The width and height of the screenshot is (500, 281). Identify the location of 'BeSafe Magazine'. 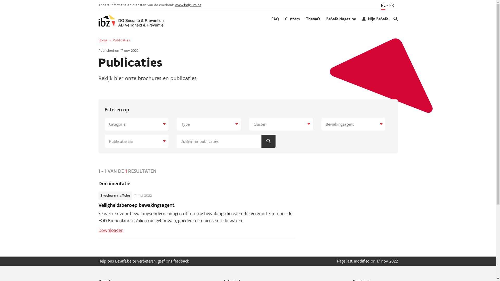
(341, 19).